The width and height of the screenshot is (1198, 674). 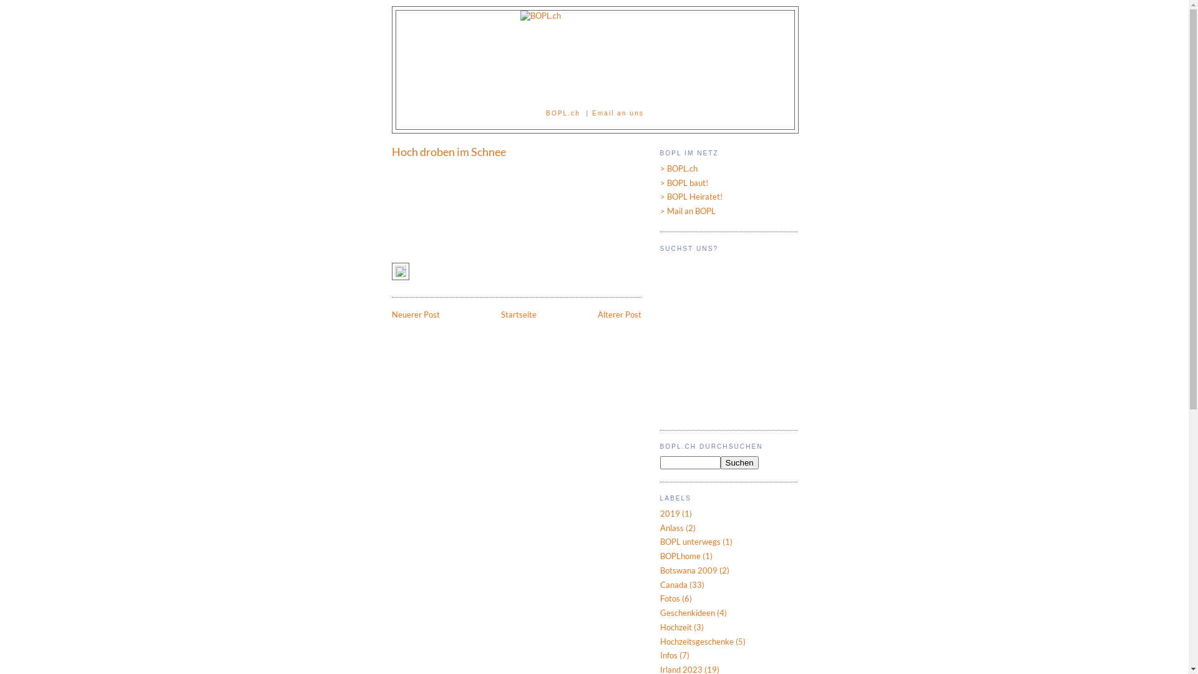 I want to click on 'Canada', so click(x=673, y=585).